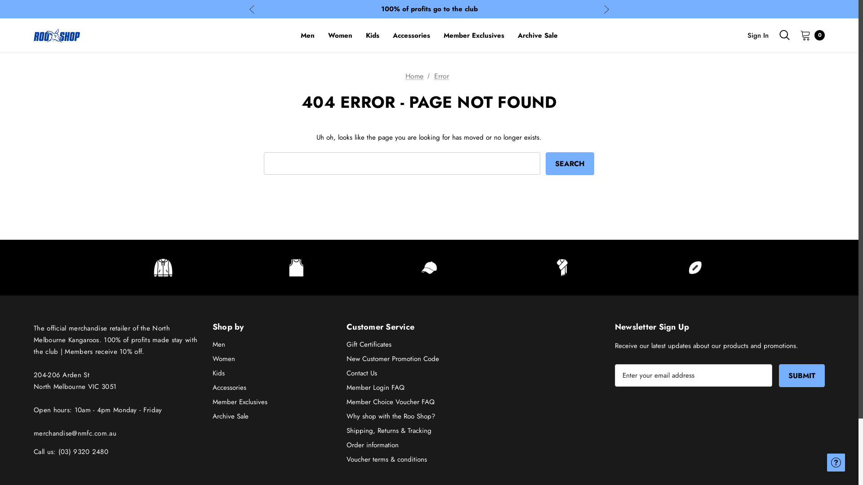  I want to click on 'Order information', so click(373, 445).